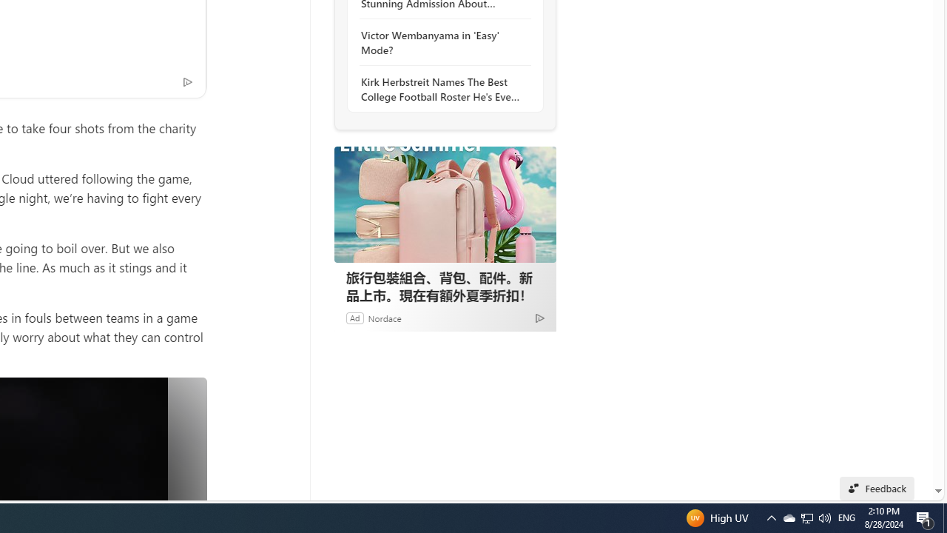  Describe the element at coordinates (440, 41) in the screenshot. I see `'Victor Wembanyama in '` at that location.